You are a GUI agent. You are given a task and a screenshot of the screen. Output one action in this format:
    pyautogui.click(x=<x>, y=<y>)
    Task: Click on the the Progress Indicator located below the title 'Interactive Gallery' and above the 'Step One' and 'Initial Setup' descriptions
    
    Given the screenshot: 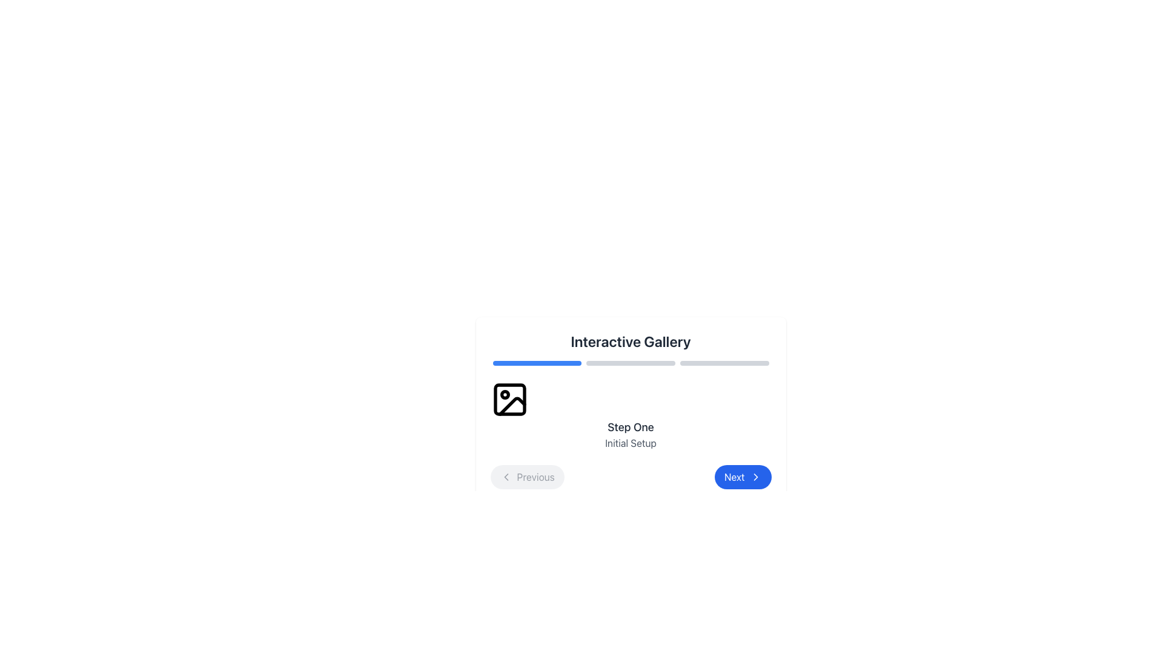 What is the action you would take?
    pyautogui.click(x=630, y=363)
    